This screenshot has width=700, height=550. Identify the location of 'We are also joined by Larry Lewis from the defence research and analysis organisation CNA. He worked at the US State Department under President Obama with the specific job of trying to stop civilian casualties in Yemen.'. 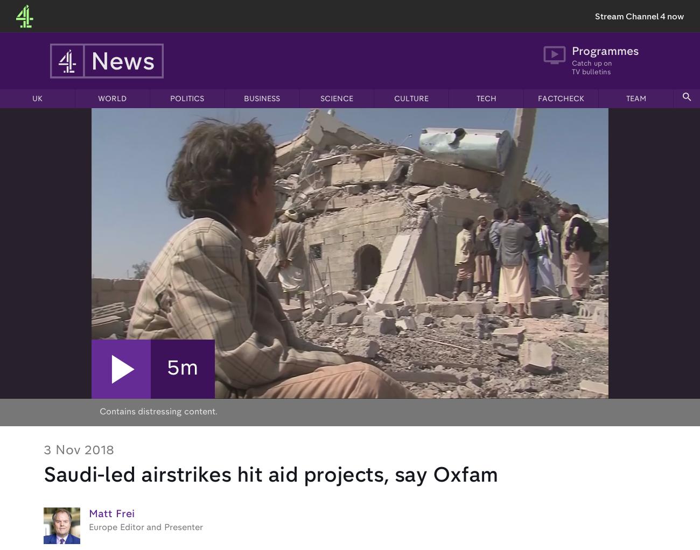
(43, 248).